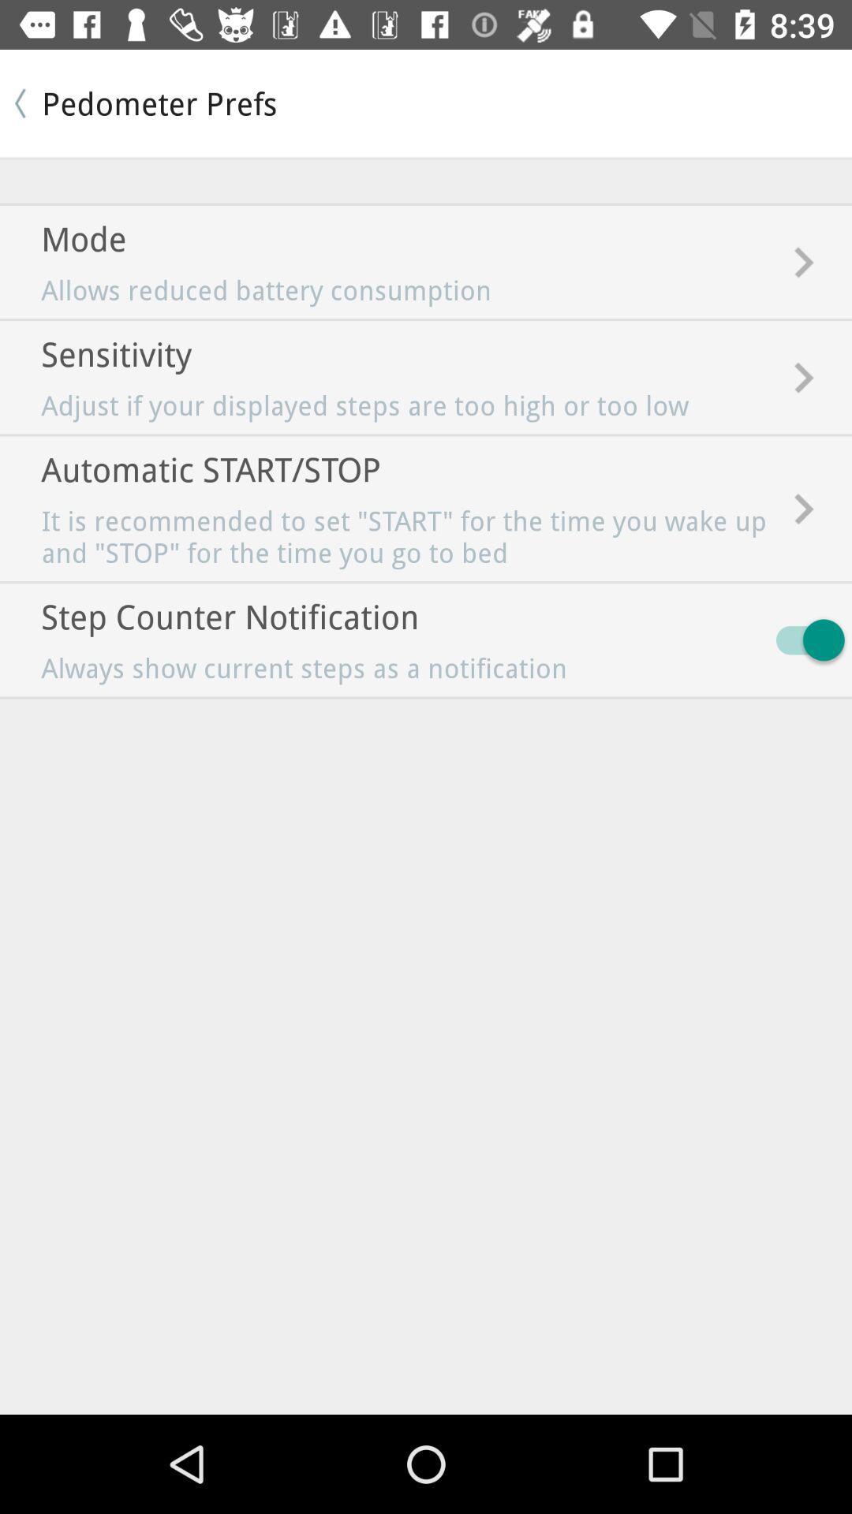  What do you see at coordinates (802, 640) in the screenshot?
I see `turn on/off` at bounding box center [802, 640].